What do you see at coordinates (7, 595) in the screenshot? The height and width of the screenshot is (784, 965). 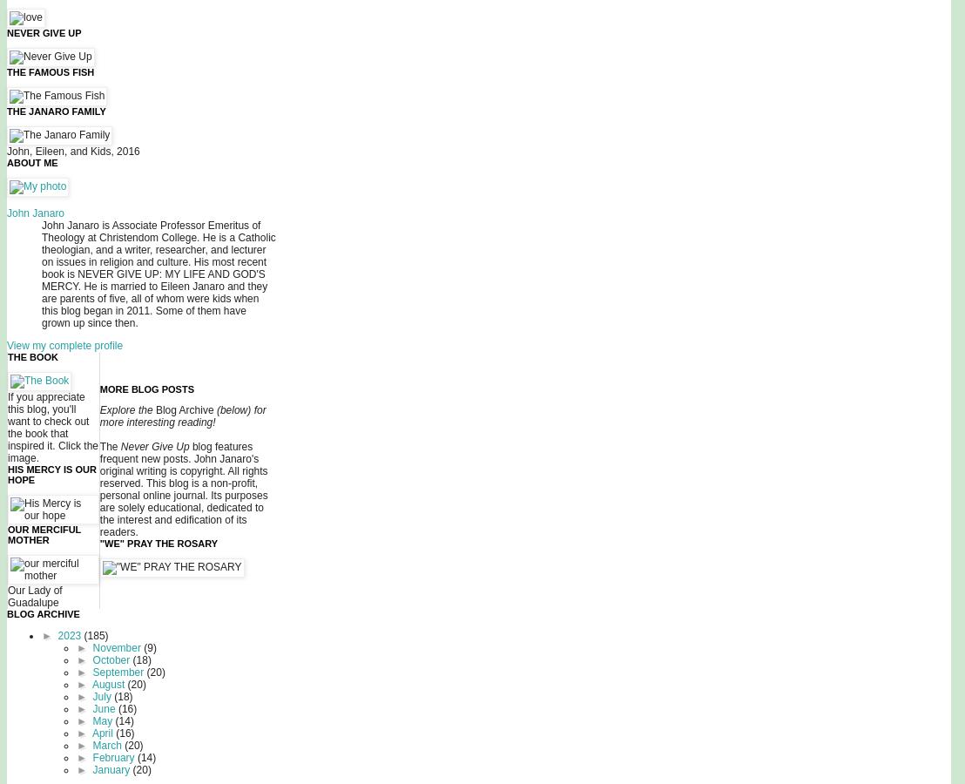 I see `'Our Lady of Guadalupe'` at bounding box center [7, 595].